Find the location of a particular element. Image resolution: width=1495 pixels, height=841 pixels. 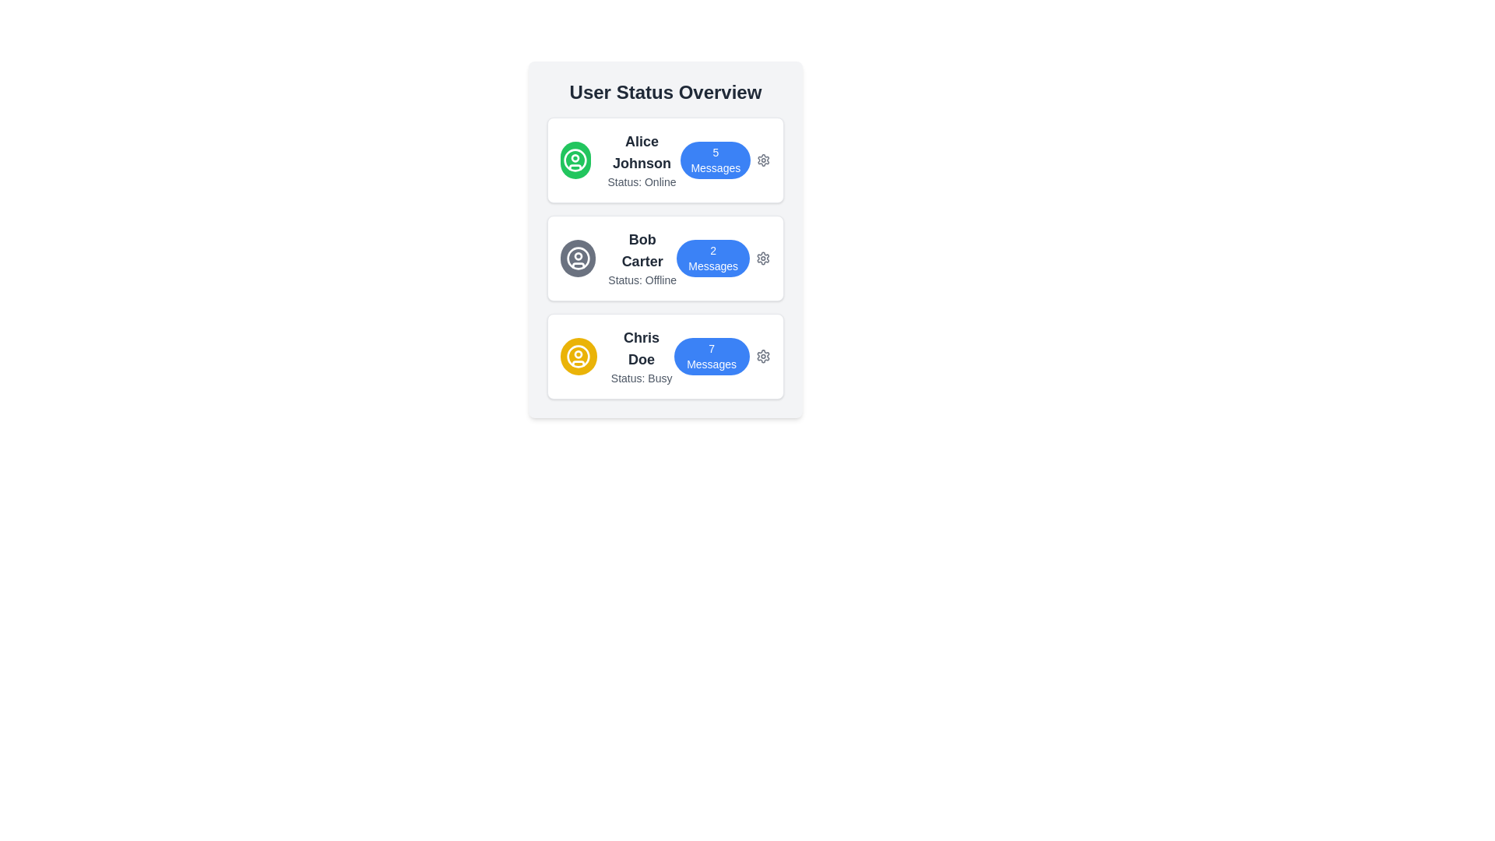

the settings icon located to the far right of the 'Bob Carter' user information row is located at coordinates (763, 257).